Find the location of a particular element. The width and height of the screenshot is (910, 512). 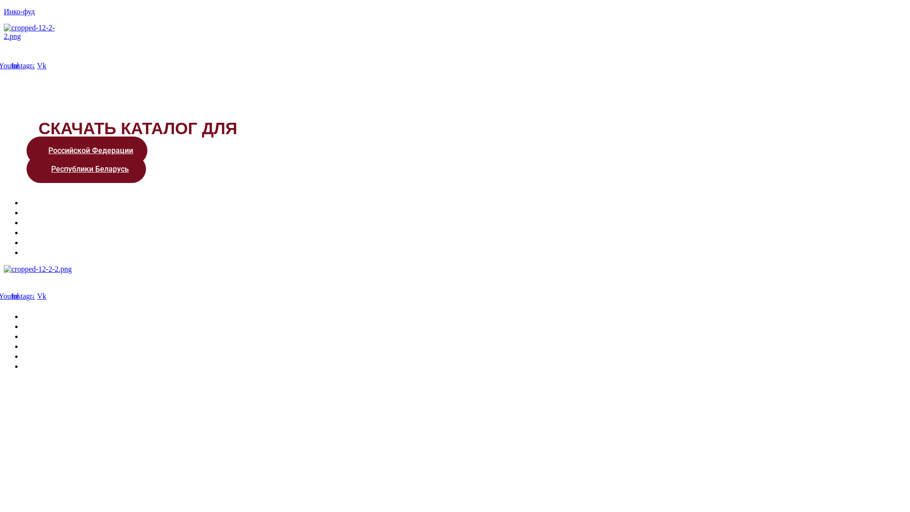

'Instagram' is located at coordinates (27, 65).